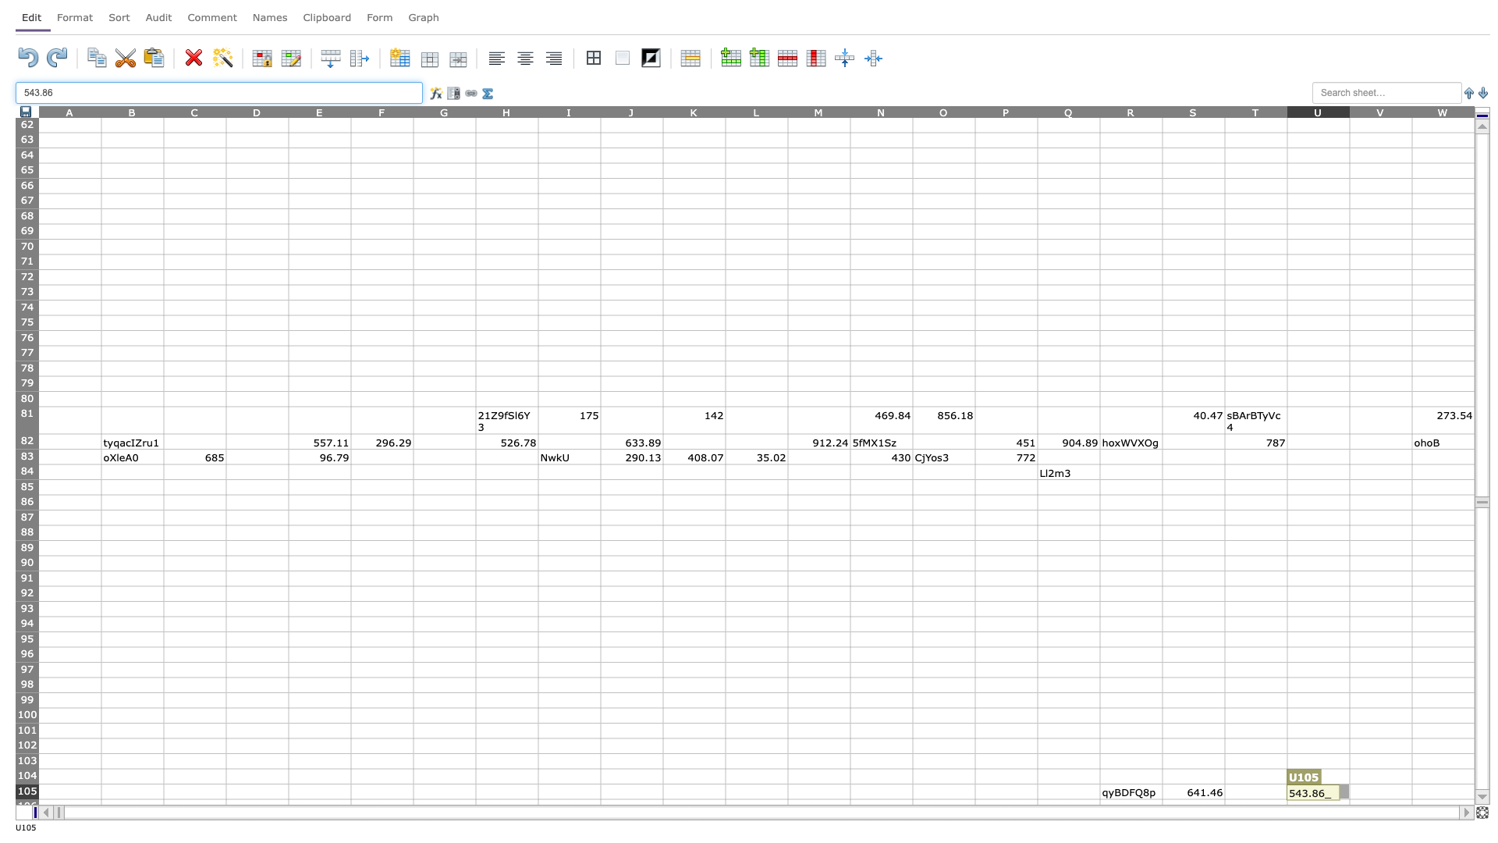  I want to click on right edge of cell W105, so click(1474, 791).